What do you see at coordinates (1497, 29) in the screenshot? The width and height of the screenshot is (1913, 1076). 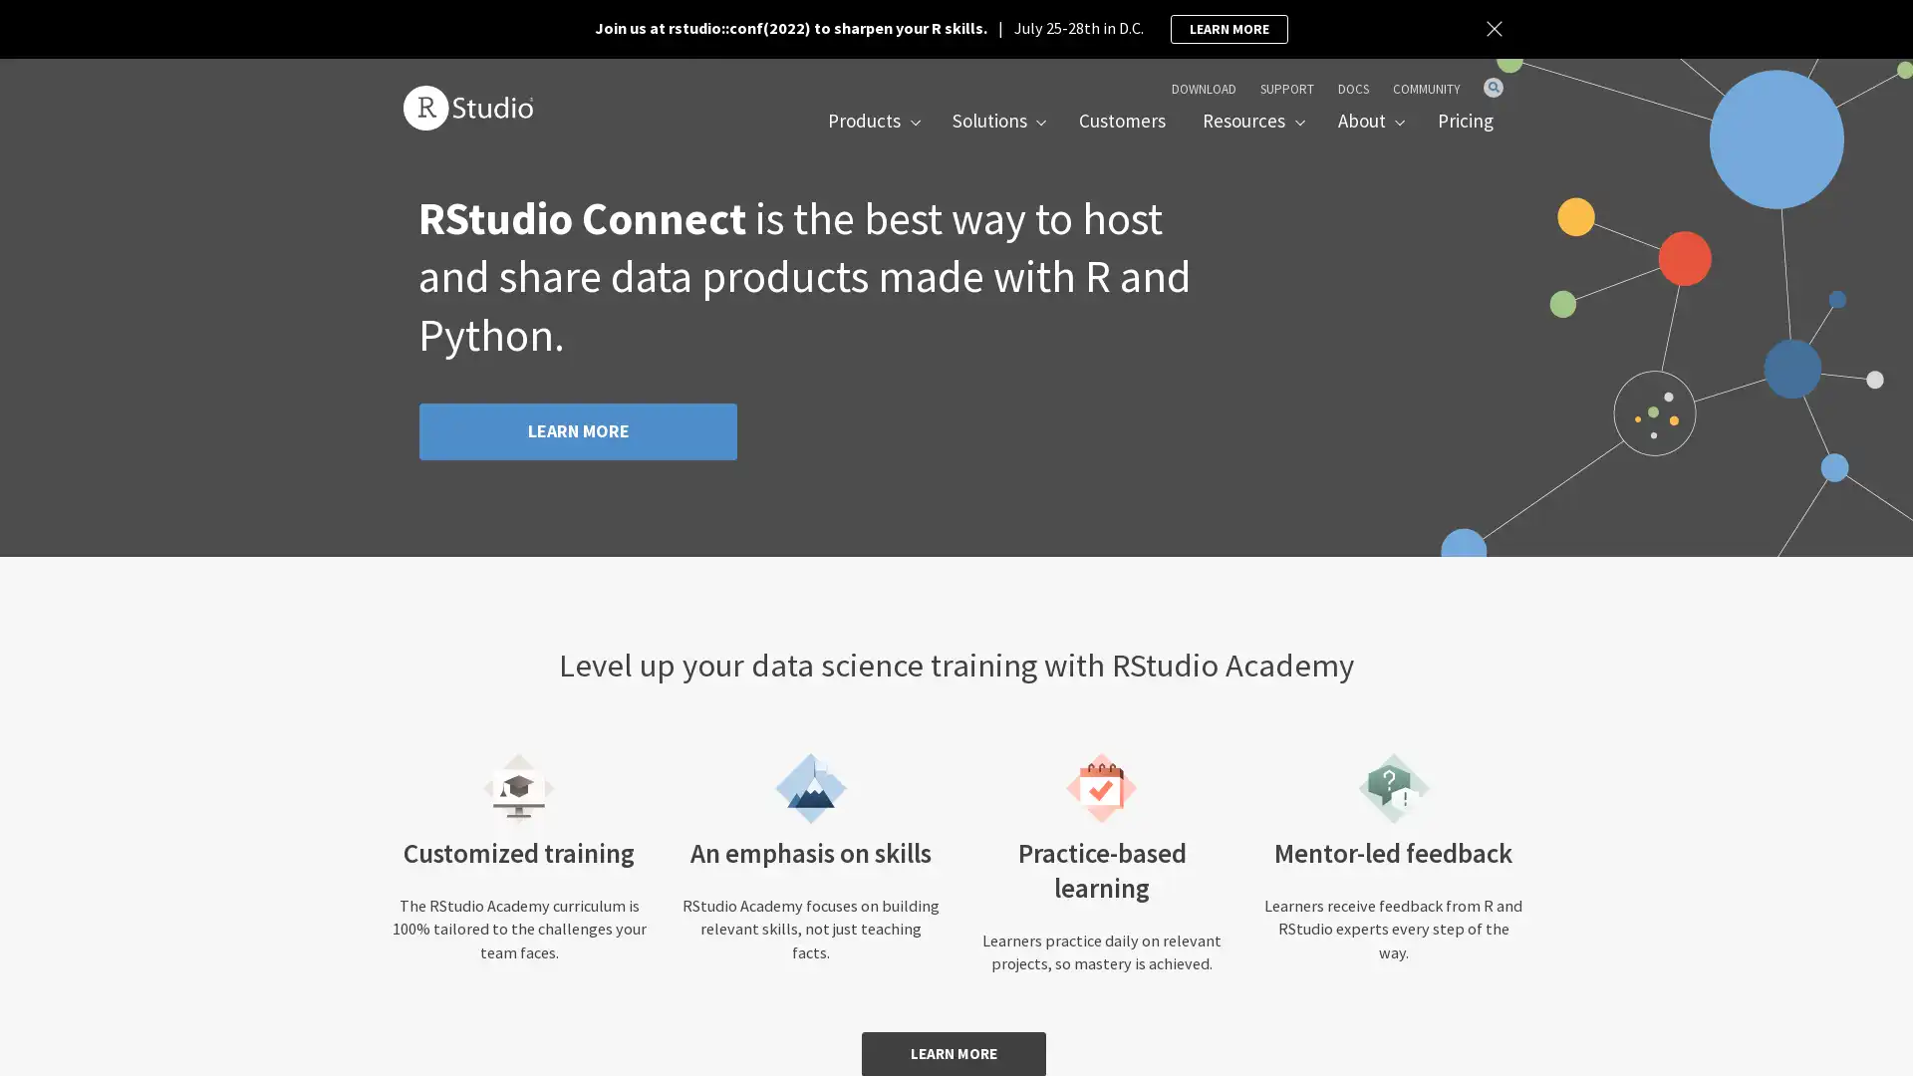 I see `Close` at bounding box center [1497, 29].